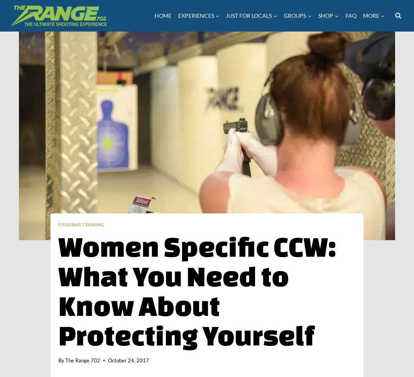  Describe the element at coordinates (283, 15) in the screenshot. I see `'Groups'` at that location.